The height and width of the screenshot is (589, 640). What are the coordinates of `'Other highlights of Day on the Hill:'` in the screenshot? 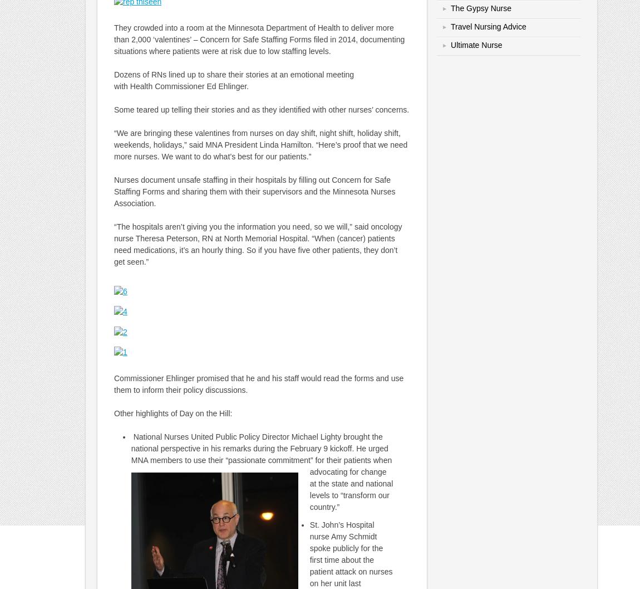 It's located at (173, 413).